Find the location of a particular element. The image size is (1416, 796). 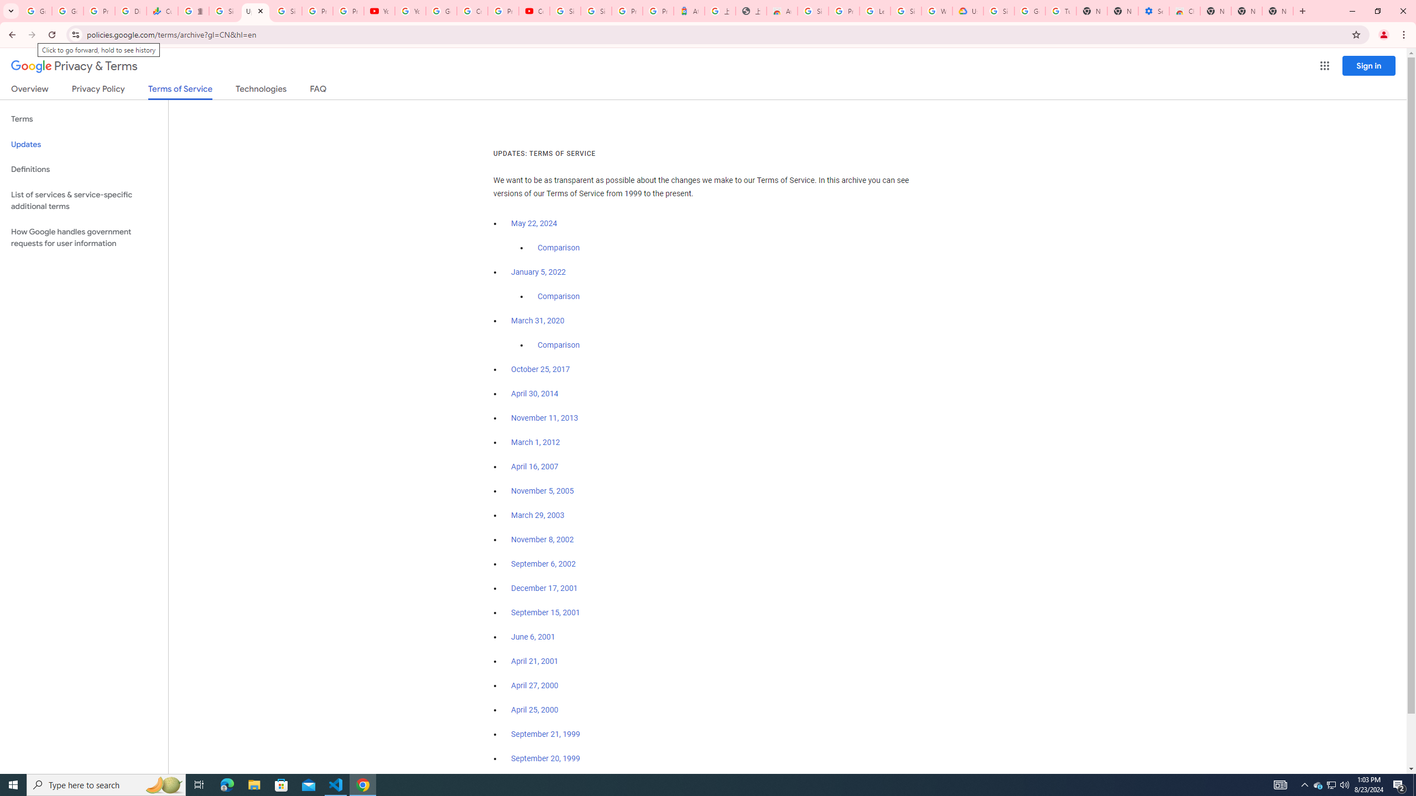

'Sign in - Google Accounts' is located at coordinates (286, 11).